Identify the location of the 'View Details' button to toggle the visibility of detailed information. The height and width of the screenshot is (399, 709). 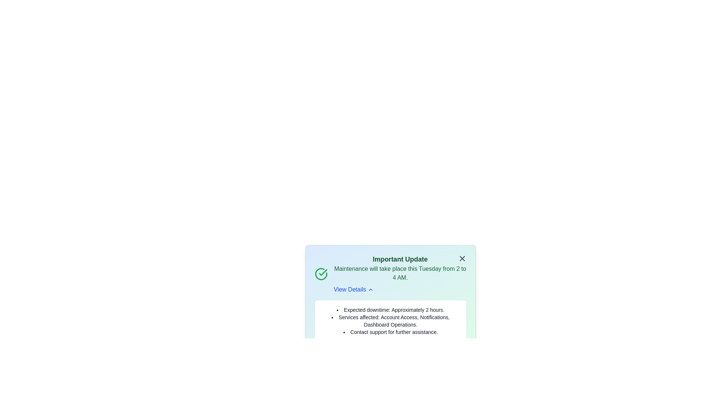
(353, 289).